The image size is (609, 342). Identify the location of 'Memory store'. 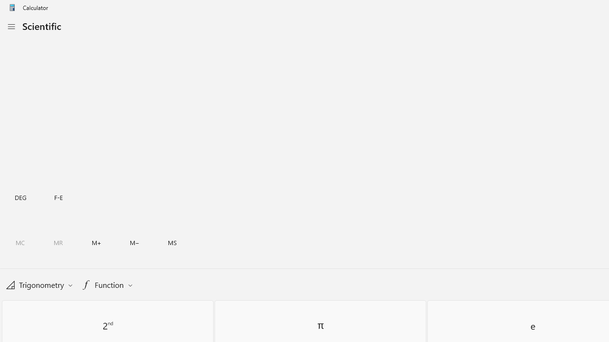
(172, 242).